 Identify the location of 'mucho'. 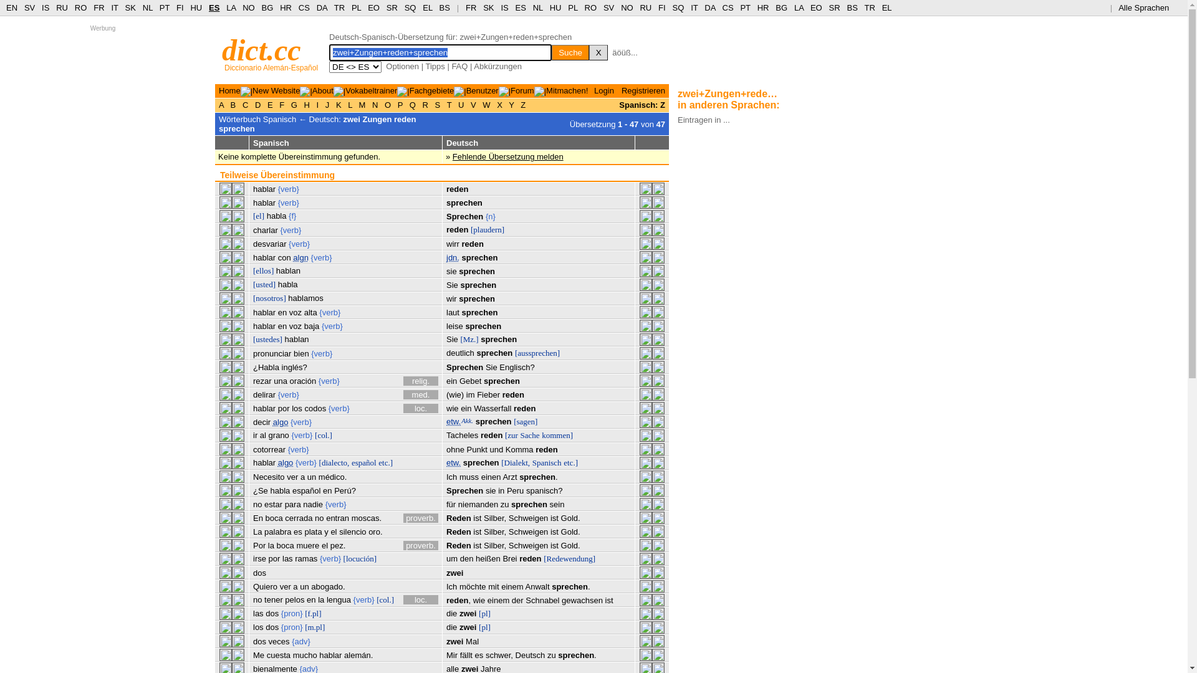
(305, 654).